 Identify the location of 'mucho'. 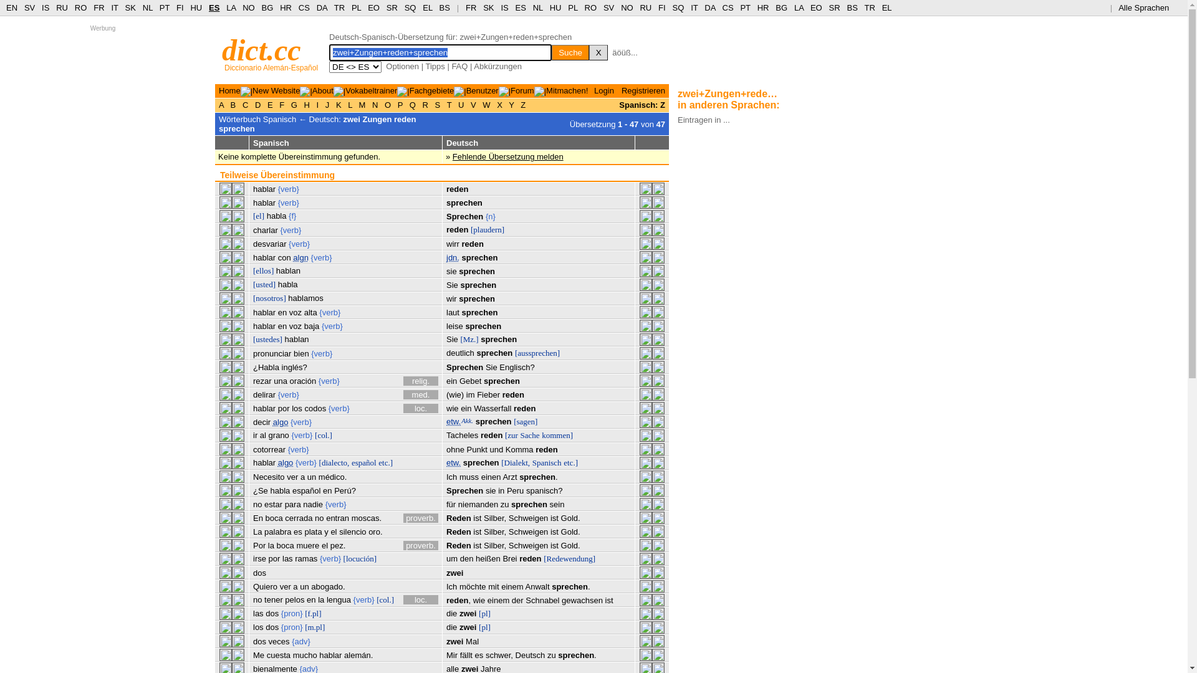
(305, 654).